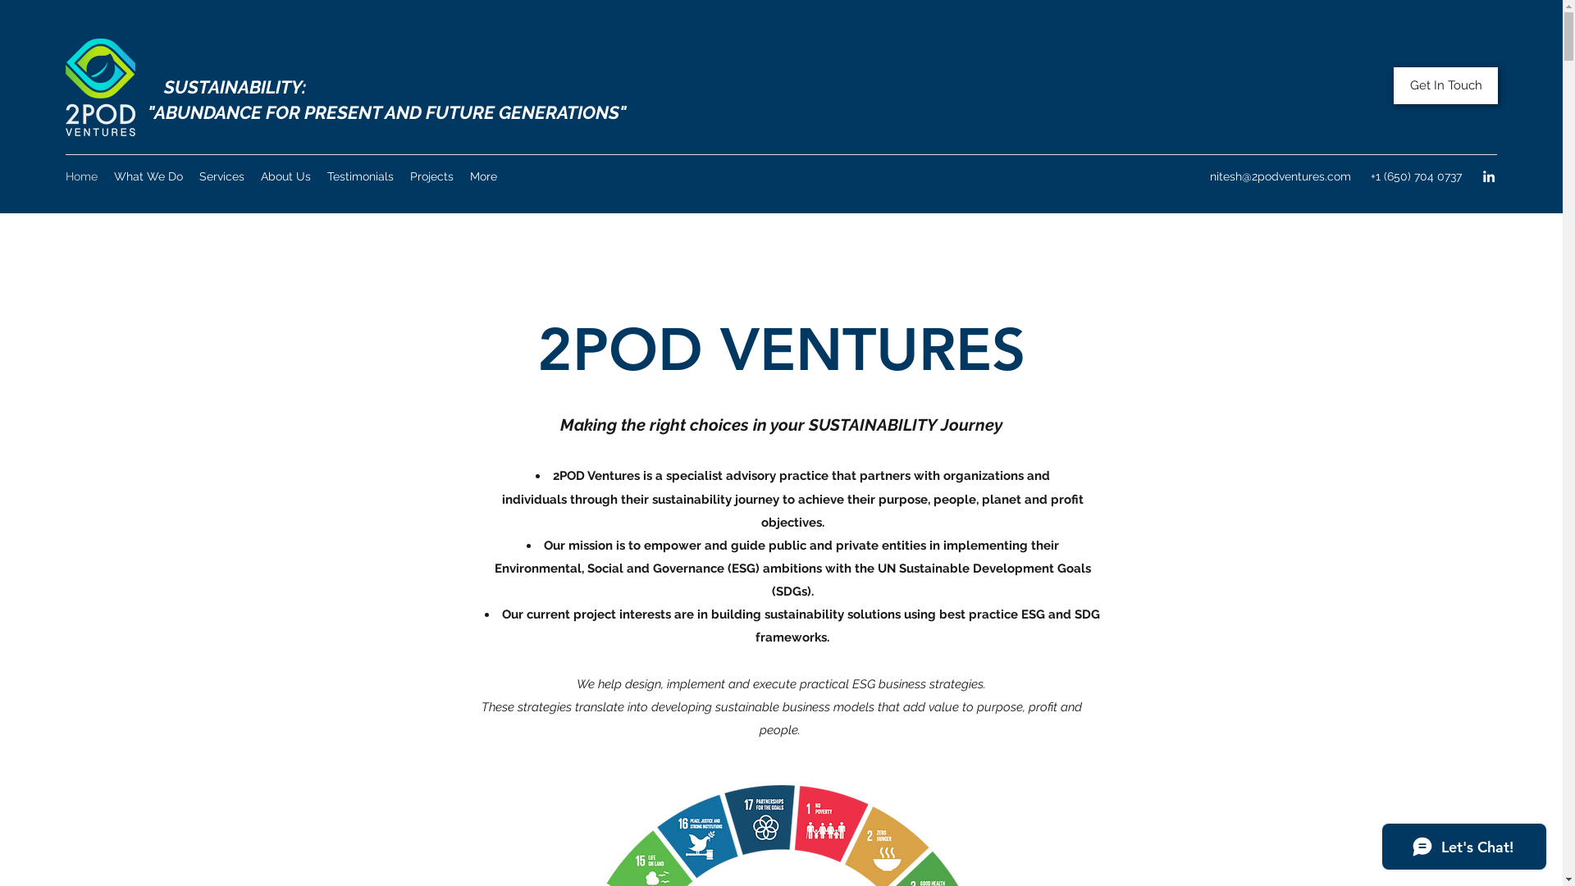 The height and width of the screenshot is (886, 1575). What do you see at coordinates (148, 176) in the screenshot?
I see `'What We Do'` at bounding box center [148, 176].